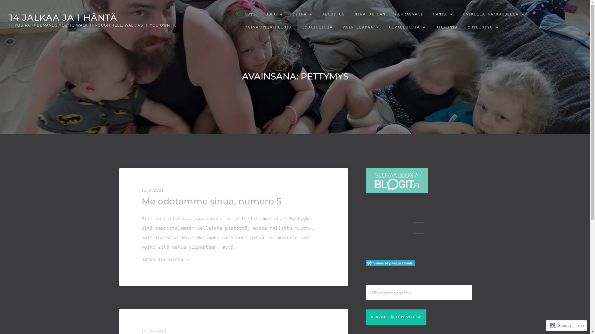 This screenshot has height=334, width=595. What do you see at coordinates (239, 14) in the screenshot?
I see `'KOTI'` at bounding box center [239, 14].